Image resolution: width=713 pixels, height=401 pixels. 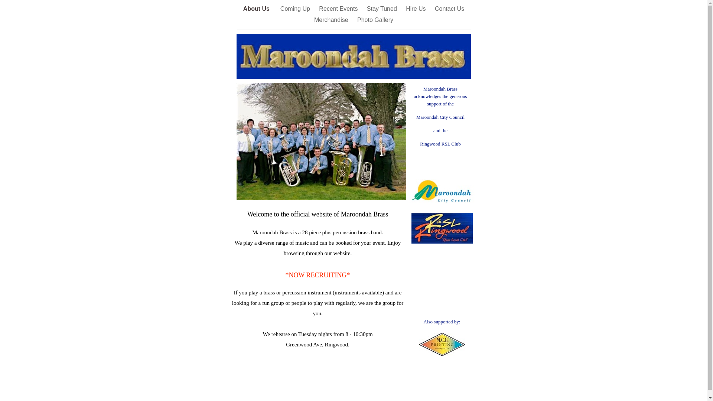 What do you see at coordinates (295, 9) in the screenshot?
I see `'Coming Up'` at bounding box center [295, 9].